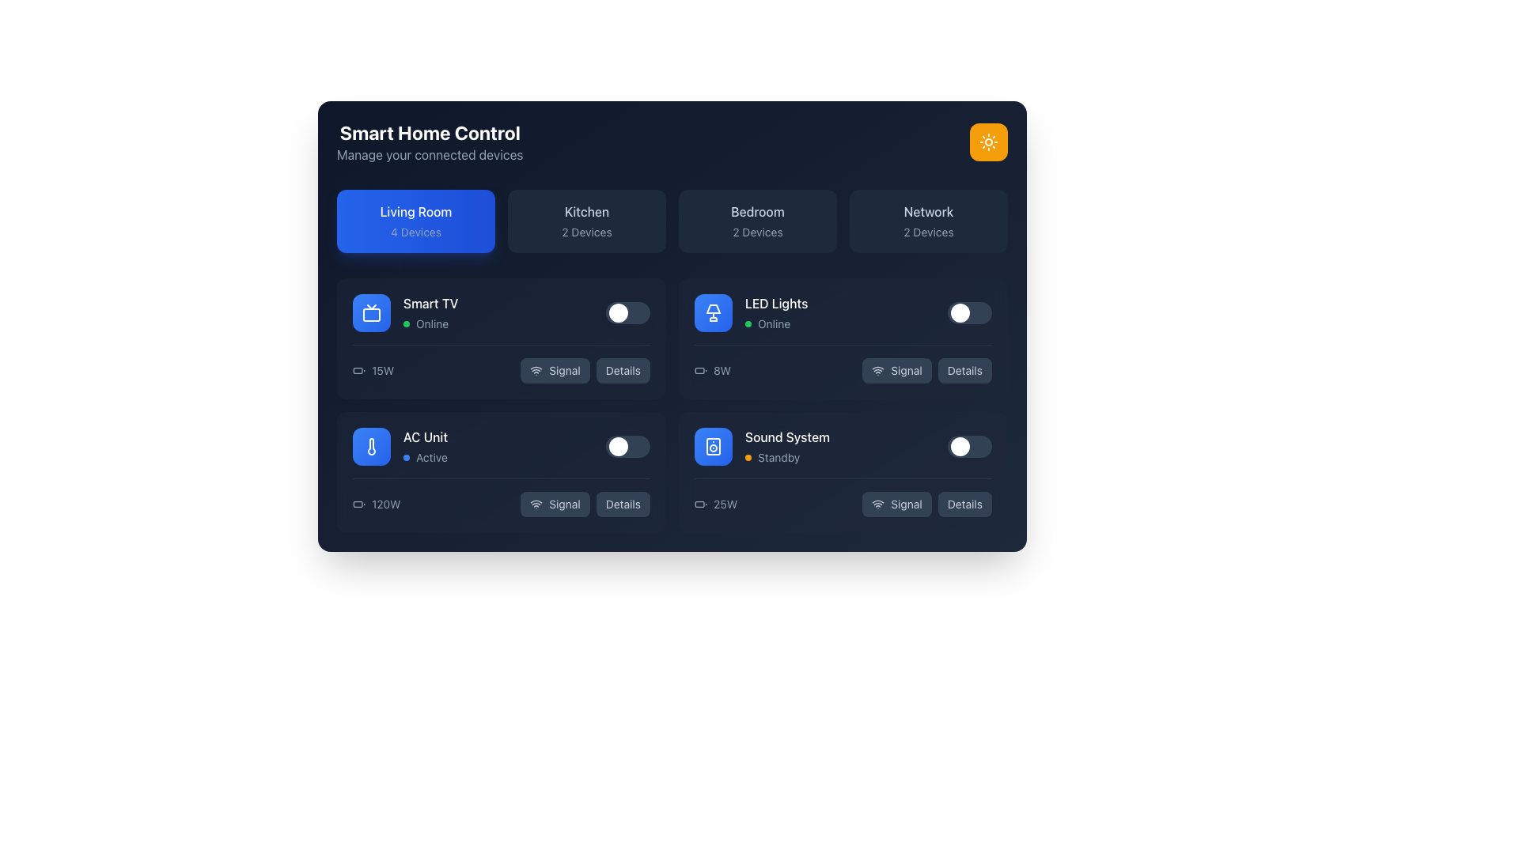 This screenshot has width=1519, height=854. What do you see at coordinates (500, 496) in the screenshot?
I see `the 'Signal' button located in the Information display row of the 'AC Unit' card, which is positioned in the lower part of the card displaying information about the air conditioning unit` at bounding box center [500, 496].